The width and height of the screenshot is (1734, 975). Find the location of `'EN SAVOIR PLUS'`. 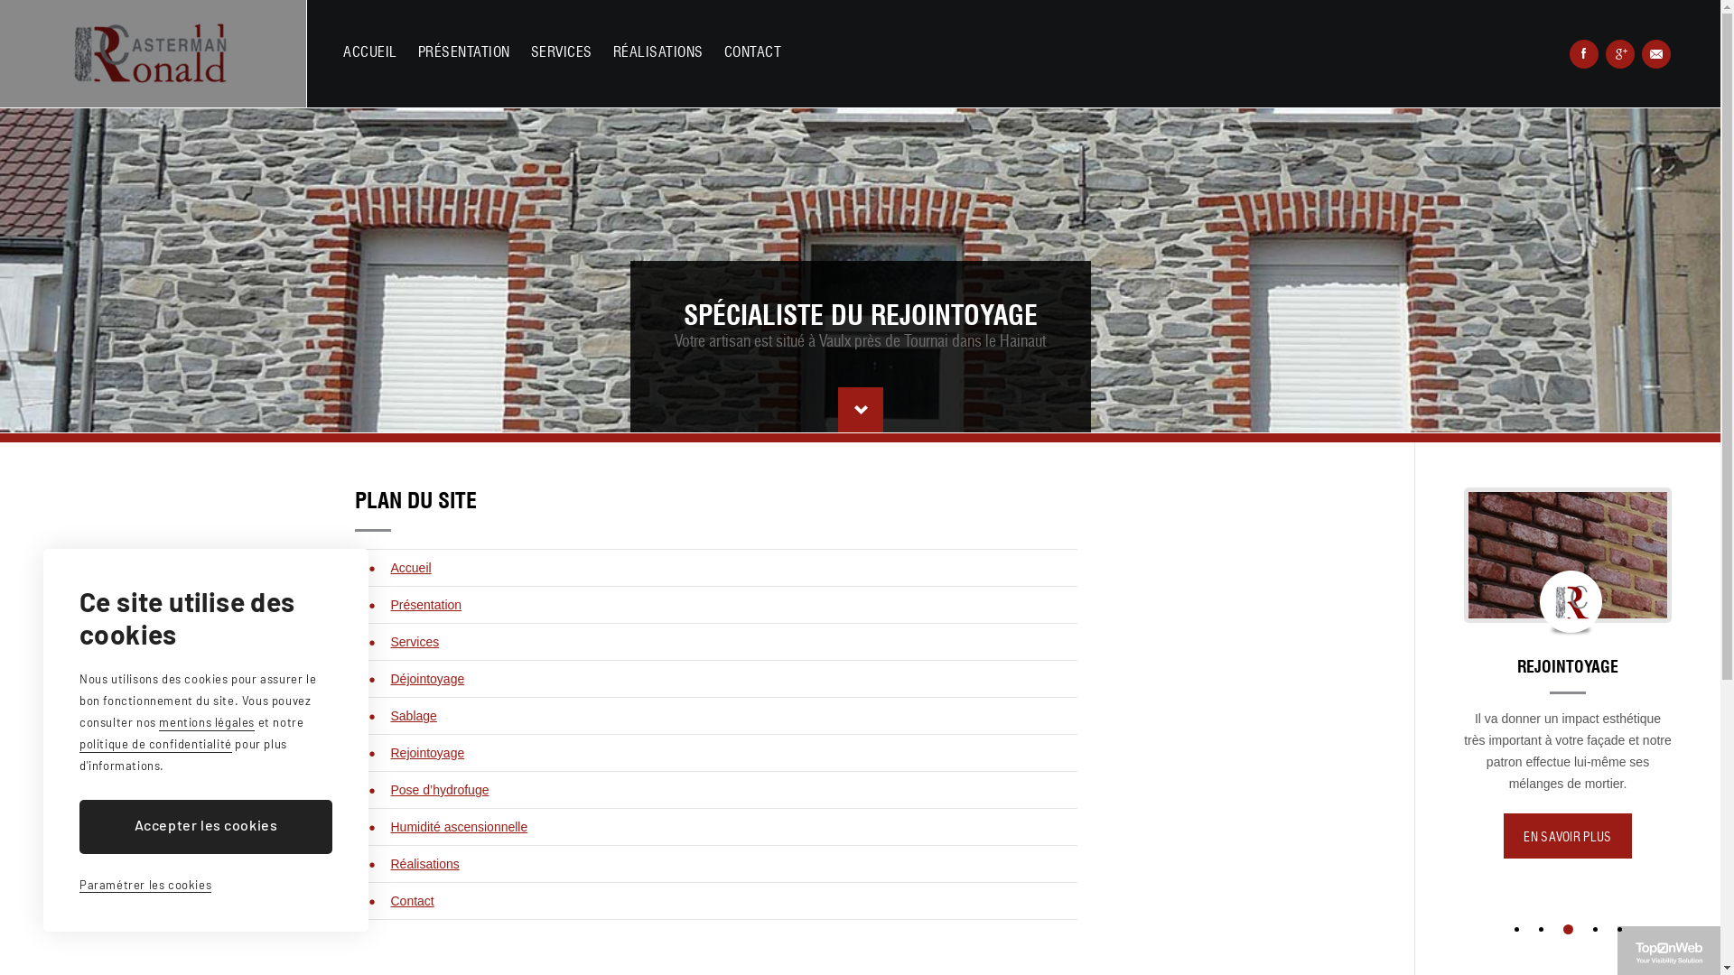

'EN SAVOIR PLUS' is located at coordinates (1504, 856).